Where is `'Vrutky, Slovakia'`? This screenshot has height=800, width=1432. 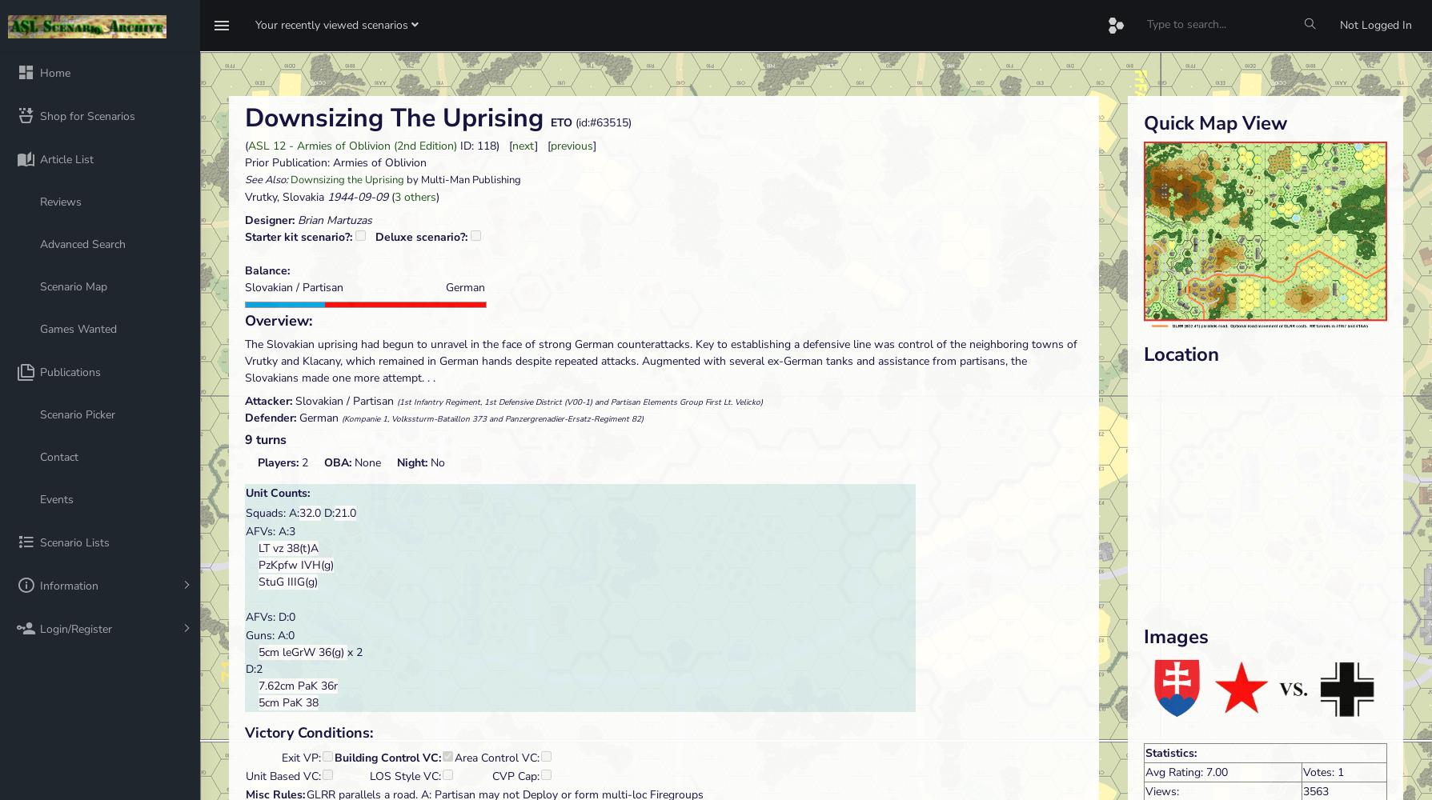
'Vrutky, Slovakia' is located at coordinates (243, 195).